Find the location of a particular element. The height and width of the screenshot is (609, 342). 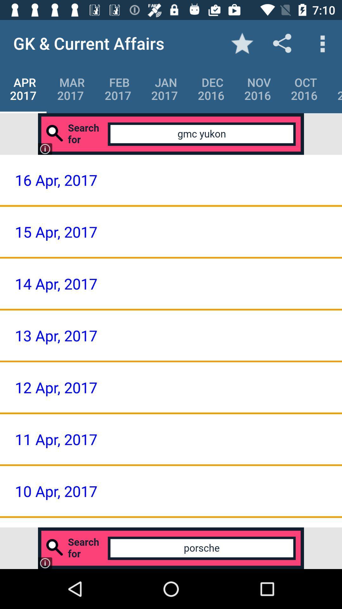

icon to the left of  dec is located at coordinates (164, 88).